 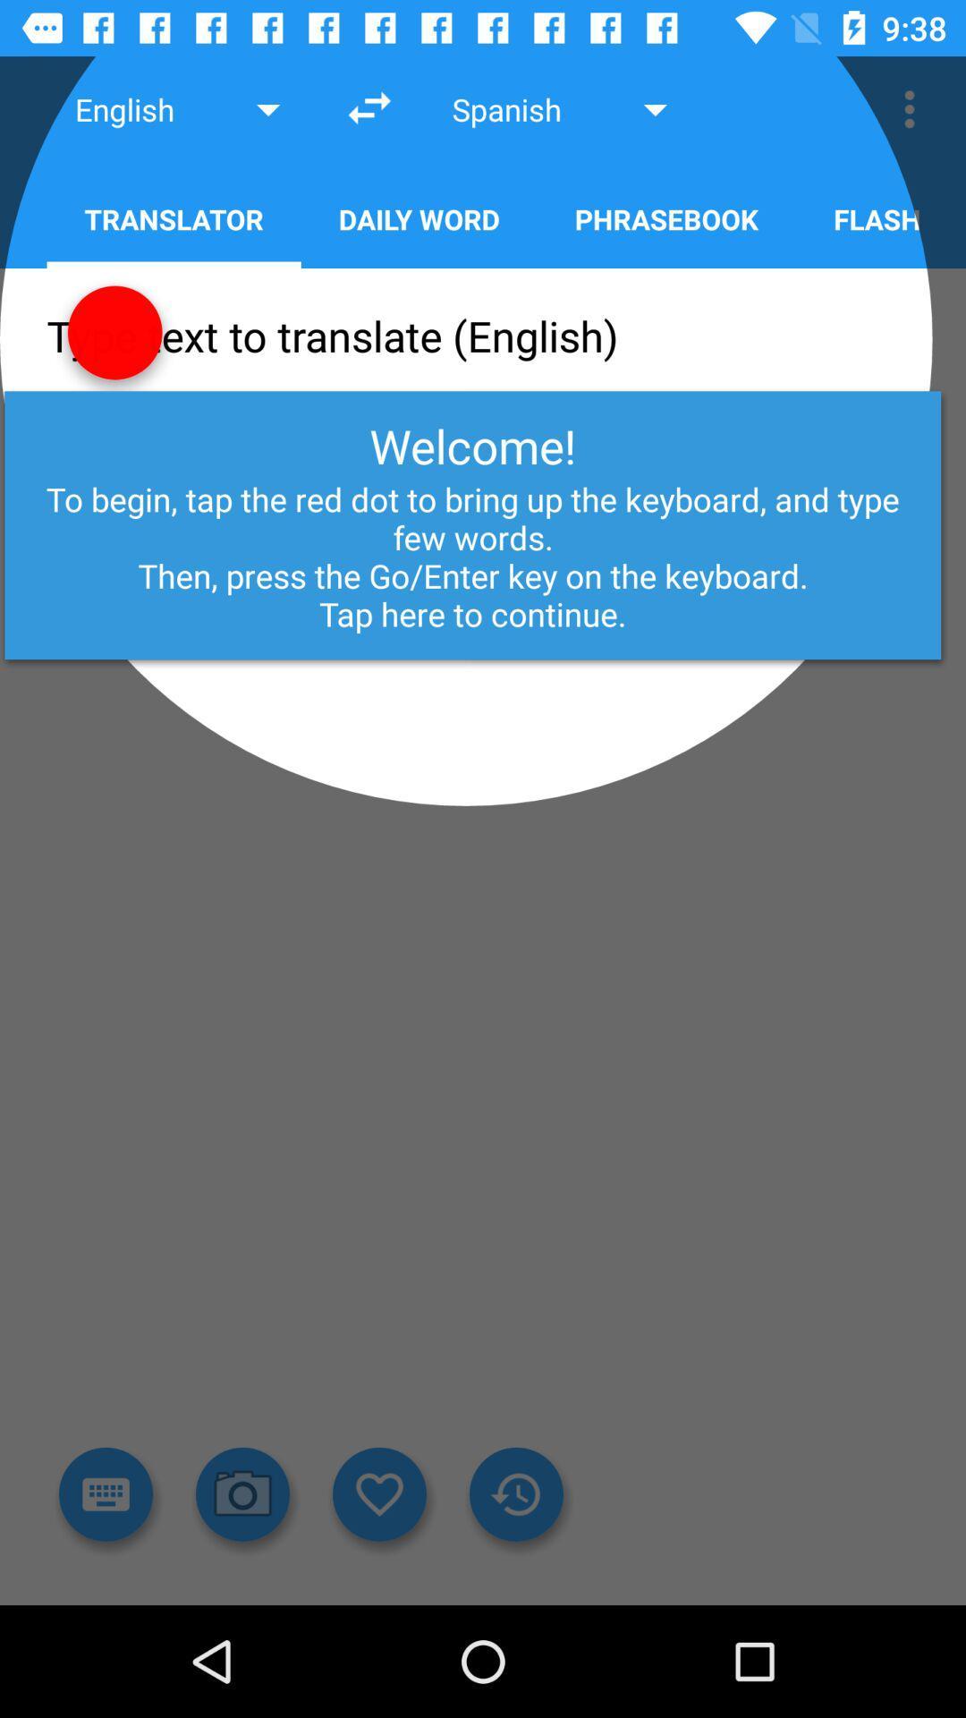 What do you see at coordinates (483, 531) in the screenshot?
I see `the text few words` at bounding box center [483, 531].